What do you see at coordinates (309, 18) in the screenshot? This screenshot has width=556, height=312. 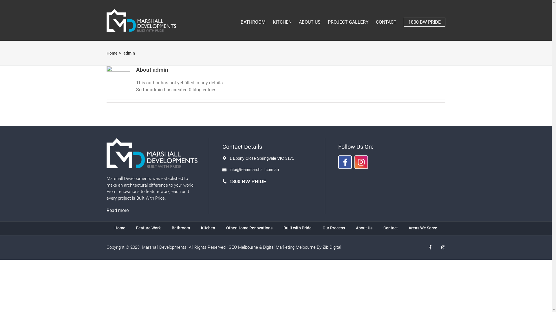 I see `'ABOUT US'` at bounding box center [309, 18].